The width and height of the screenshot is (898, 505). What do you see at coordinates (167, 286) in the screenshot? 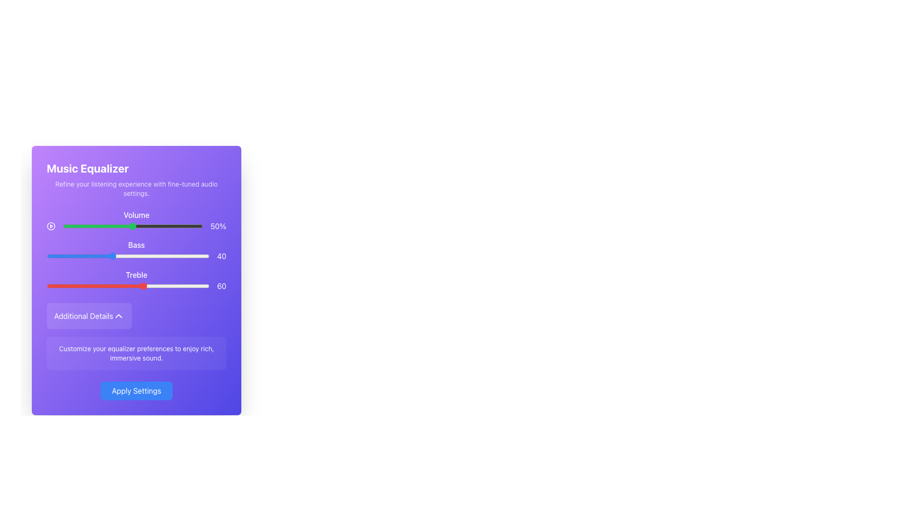
I see `the treble level` at bounding box center [167, 286].